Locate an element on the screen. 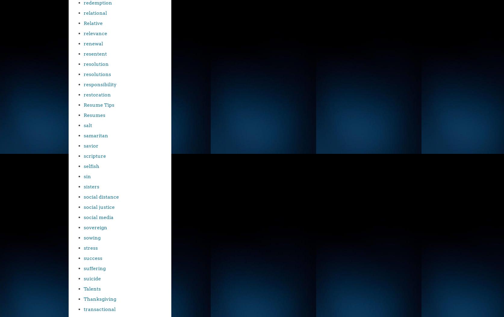  'savior' is located at coordinates (91, 146).